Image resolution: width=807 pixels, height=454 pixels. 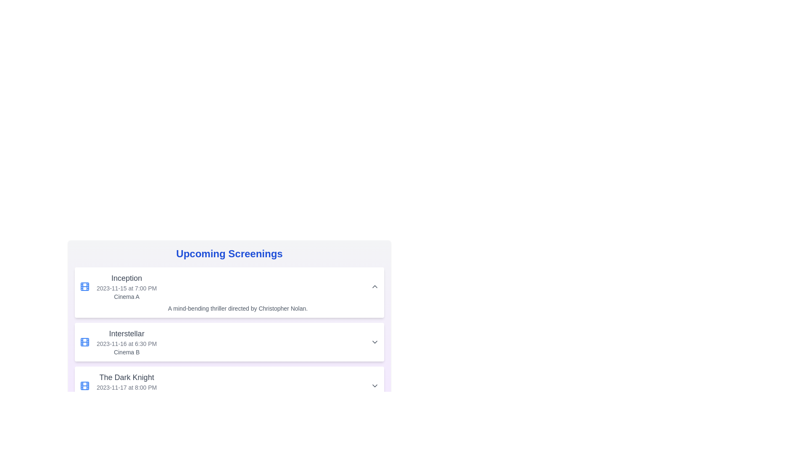 I want to click on the title heading for the movie 'The Dark Knight' located at the bottom-left area of the main content section, so click(x=126, y=377).